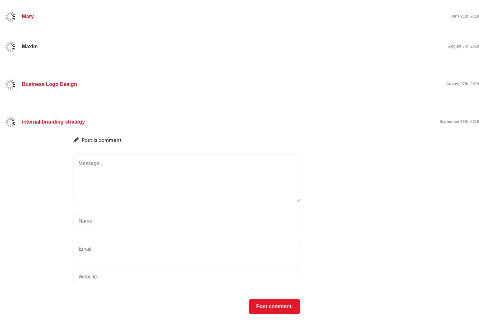 This screenshot has width=479, height=327. Describe the element at coordinates (161, 13) in the screenshot. I see `'Branding is key to any organization and should be built and maintained by all.'` at that location.